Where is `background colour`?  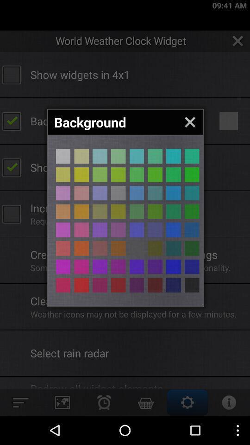 background colour is located at coordinates (62, 211).